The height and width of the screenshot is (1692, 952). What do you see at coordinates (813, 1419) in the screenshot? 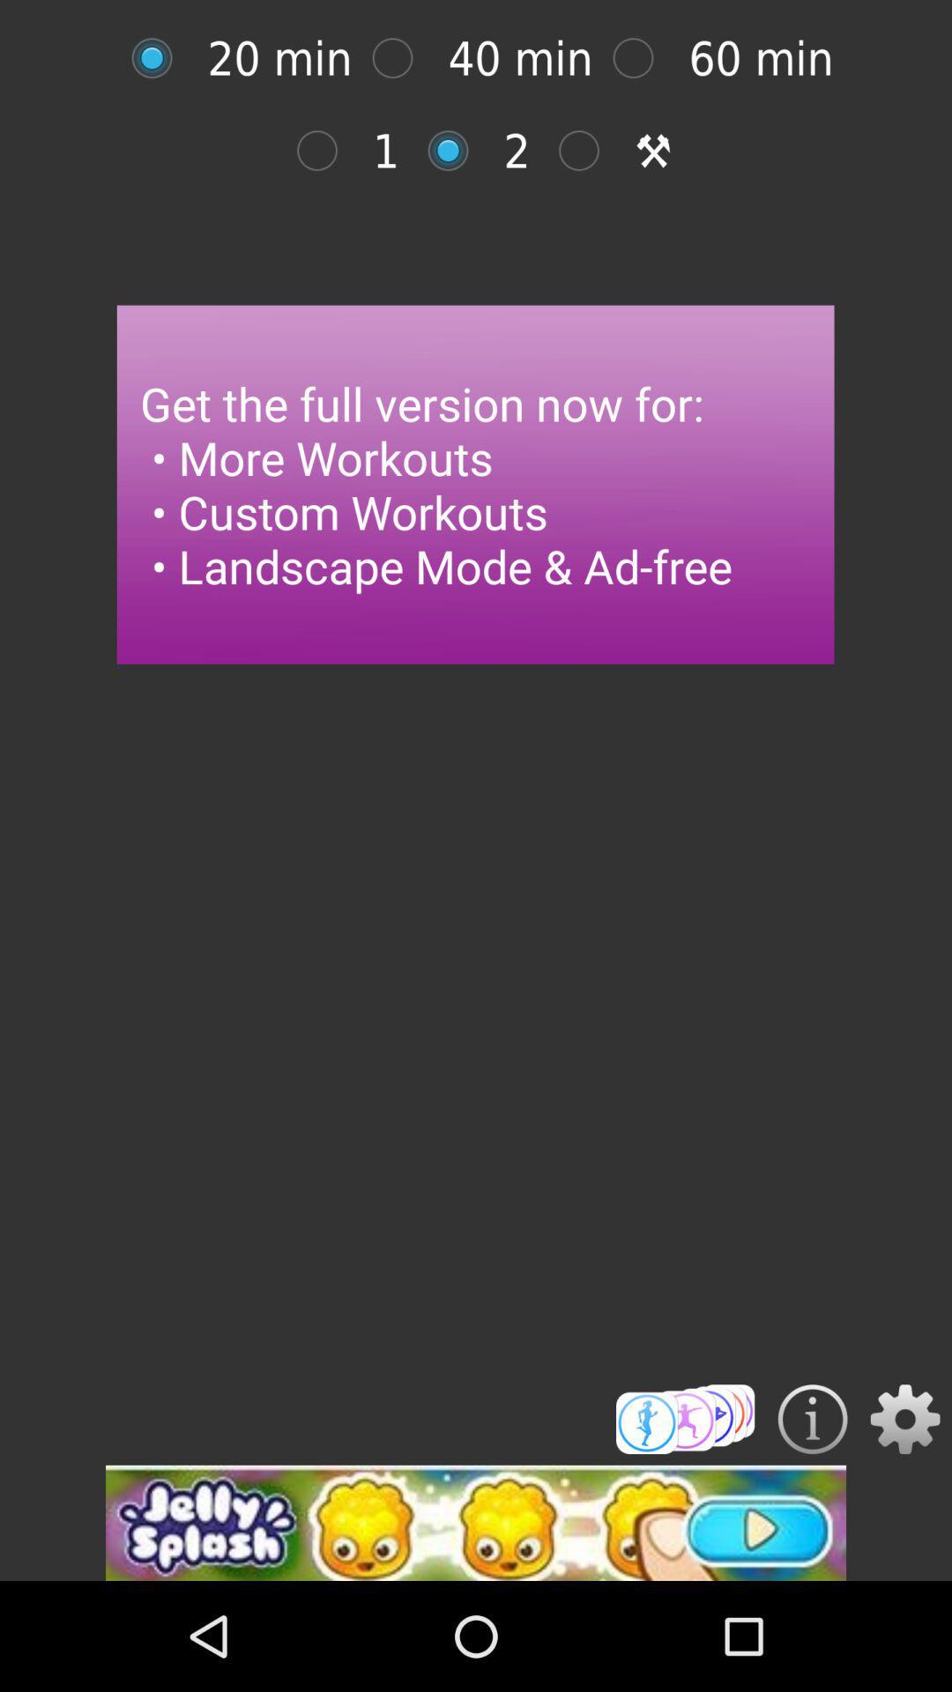
I see `see contact information` at bounding box center [813, 1419].